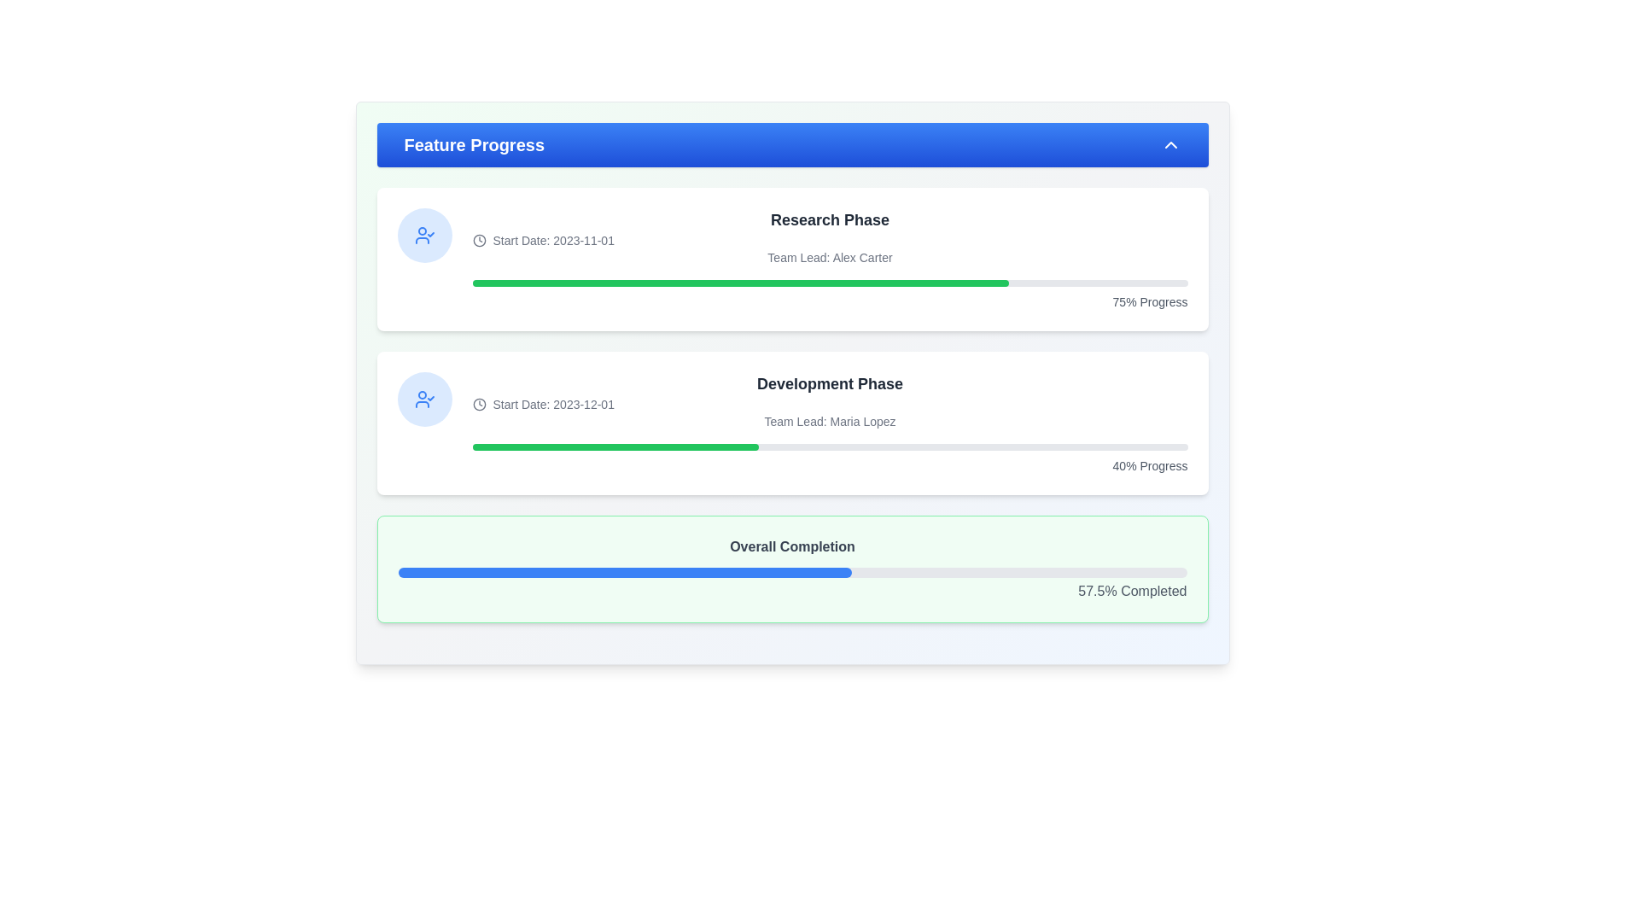  I want to click on the 'Research Phase' text label, so click(830, 219).